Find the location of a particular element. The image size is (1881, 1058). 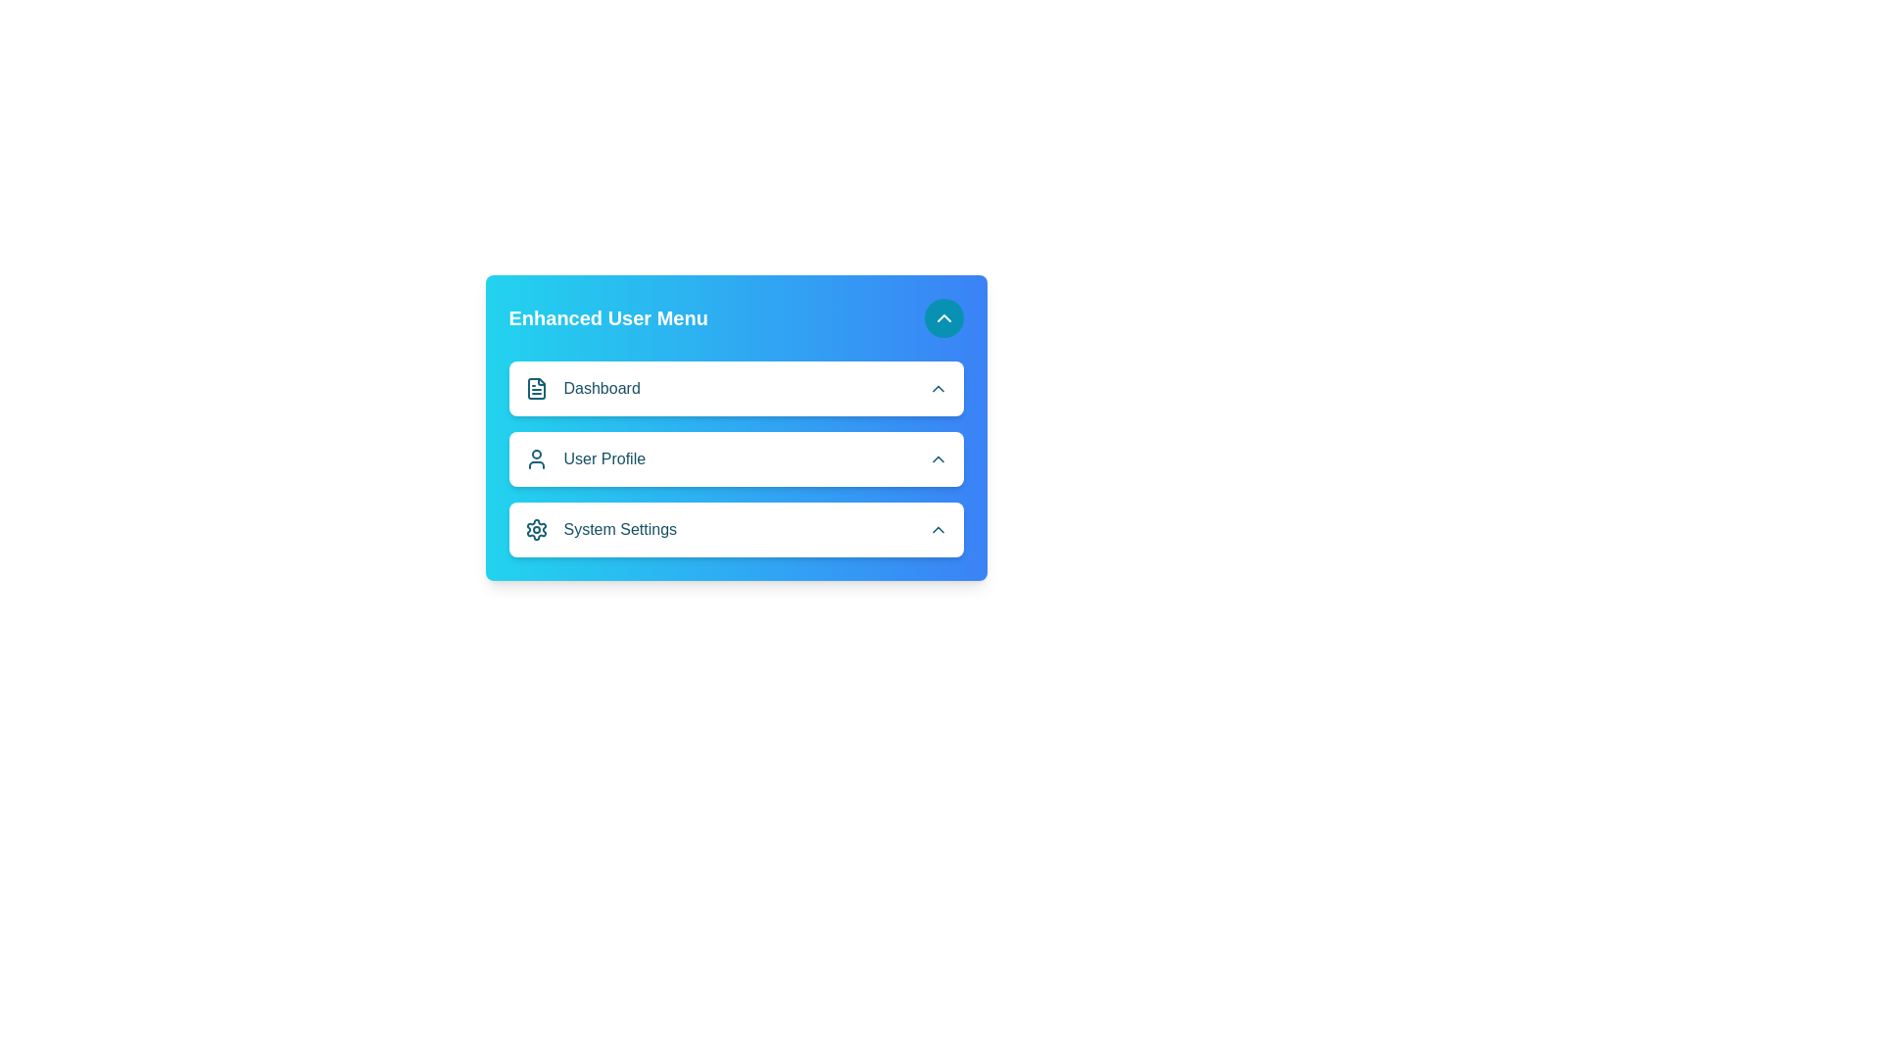

the 'System Settings' menu option, which features a gear-shaped icon followed by bold text on a white background, located at the bottom of the 'Enhanced User Menu.' is located at coordinates (600, 529).